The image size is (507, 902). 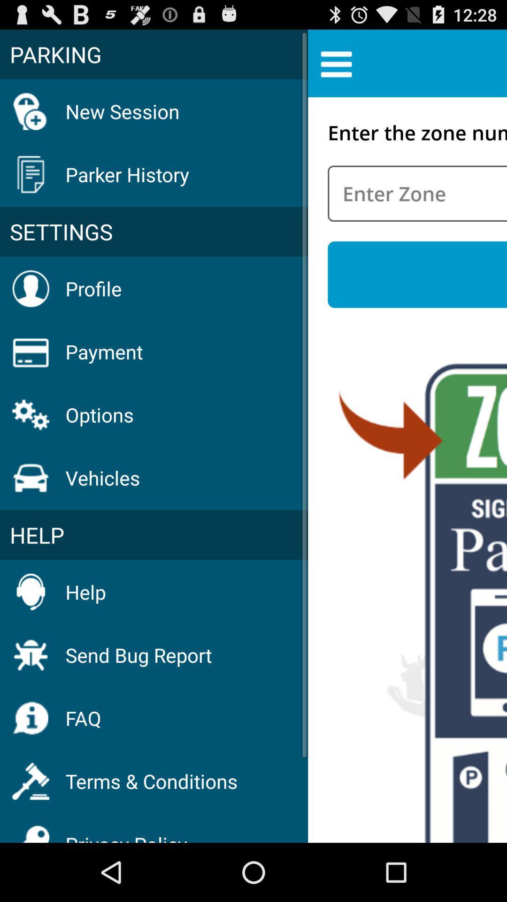 What do you see at coordinates (103, 478) in the screenshot?
I see `the icon below the options` at bounding box center [103, 478].